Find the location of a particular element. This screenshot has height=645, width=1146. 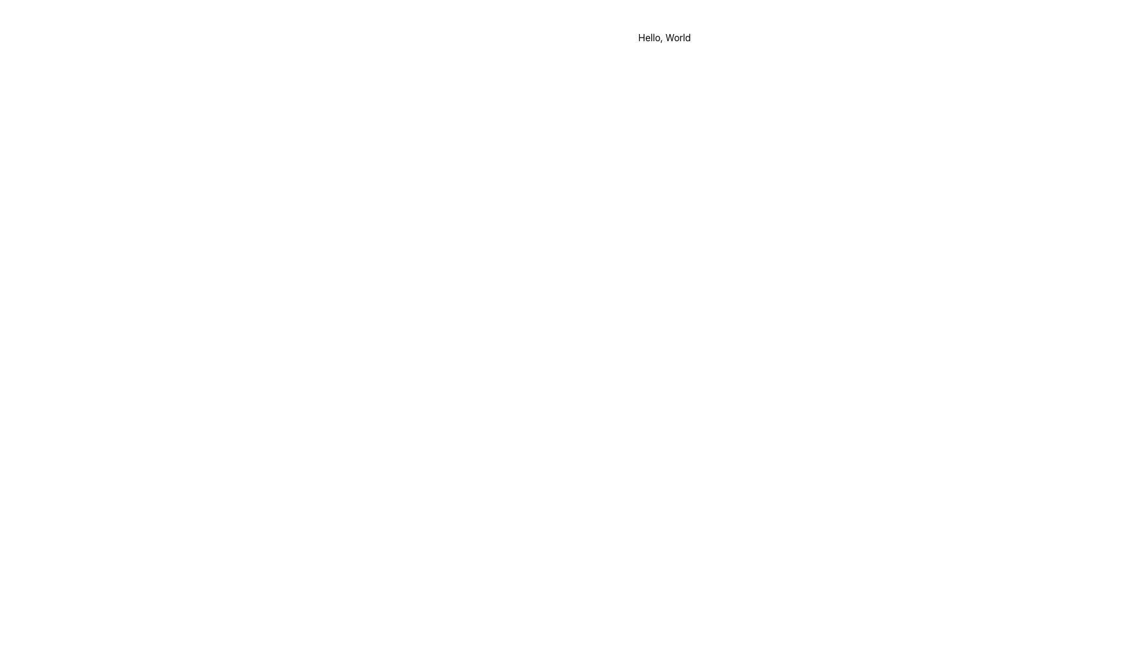

the Static text display that shows 'Hello, World' in black font on a white background, located near the top of the interface is located at coordinates (664, 36).